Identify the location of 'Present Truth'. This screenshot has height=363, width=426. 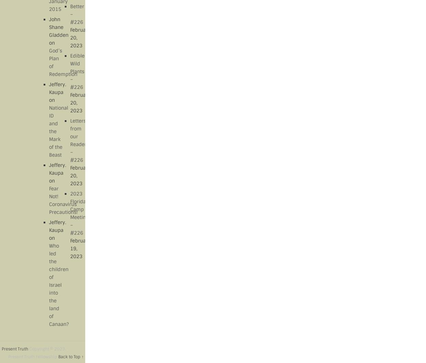
(15, 348).